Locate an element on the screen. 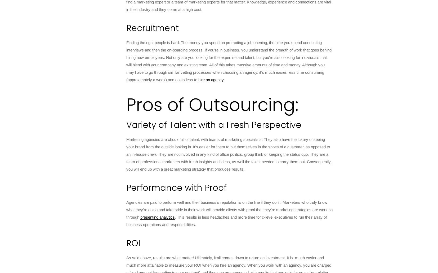  '.' is located at coordinates (224, 80).